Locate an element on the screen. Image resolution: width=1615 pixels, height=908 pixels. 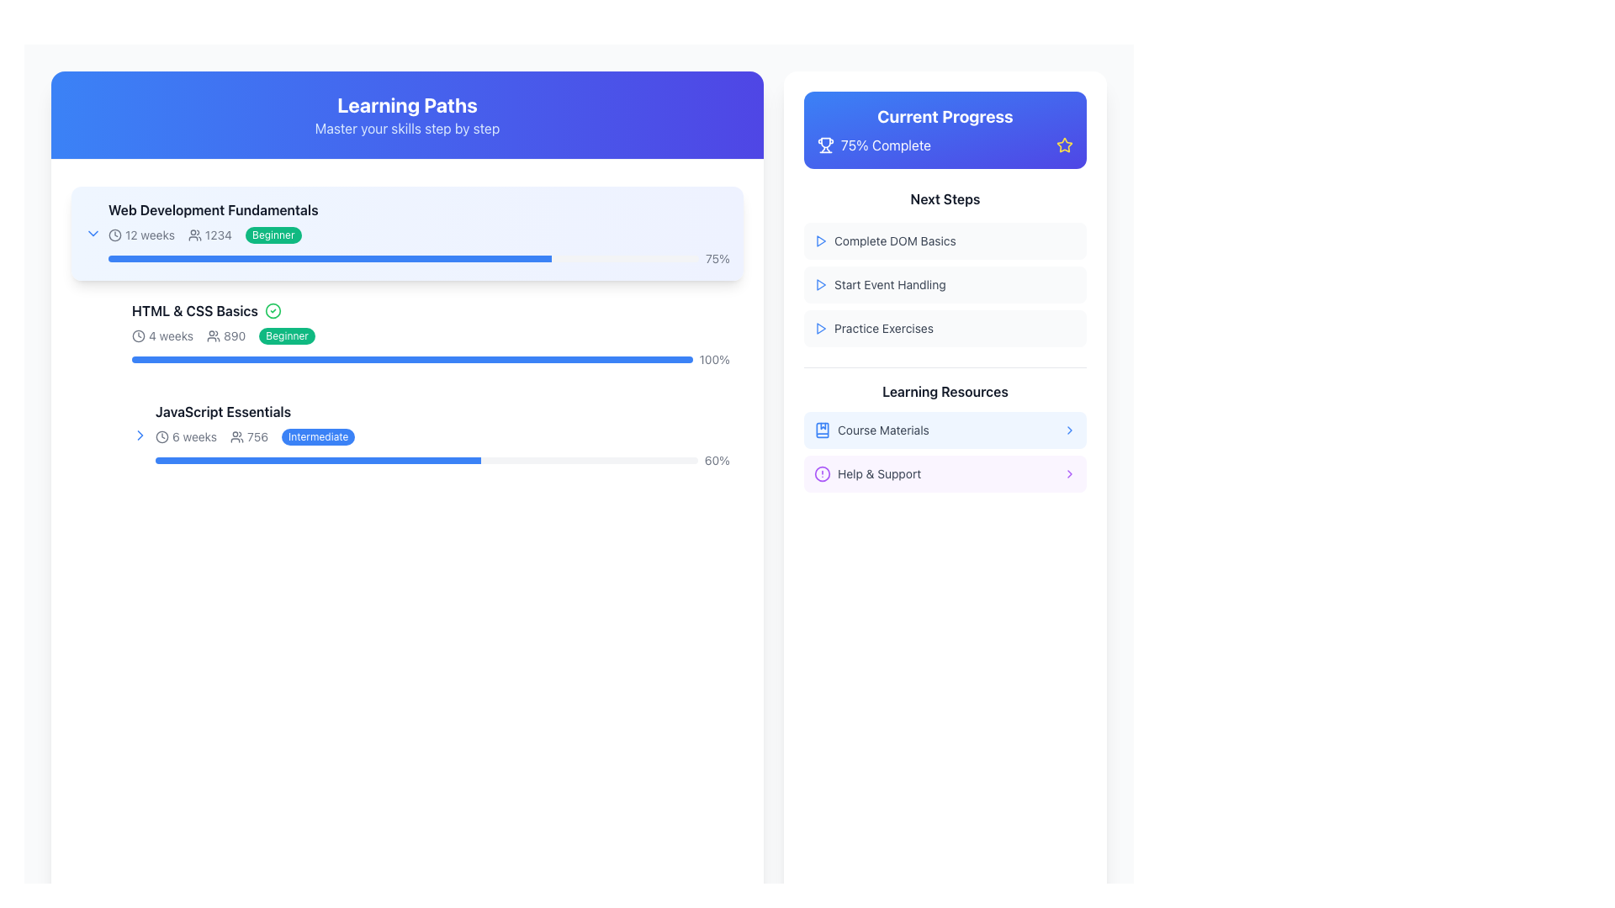
the help and support icon located in the Learning Resources section, to the left of the 'Help & Support' label in the sidebar is located at coordinates (823, 473).